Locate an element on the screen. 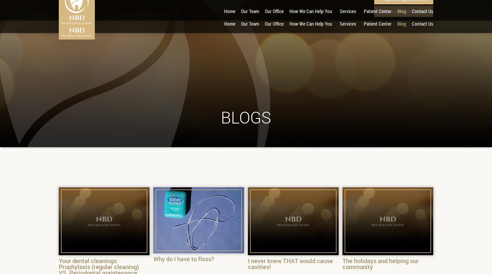 Image resolution: width=492 pixels, height=274 pixels. 'Services' is located at coordinates (339, 24).